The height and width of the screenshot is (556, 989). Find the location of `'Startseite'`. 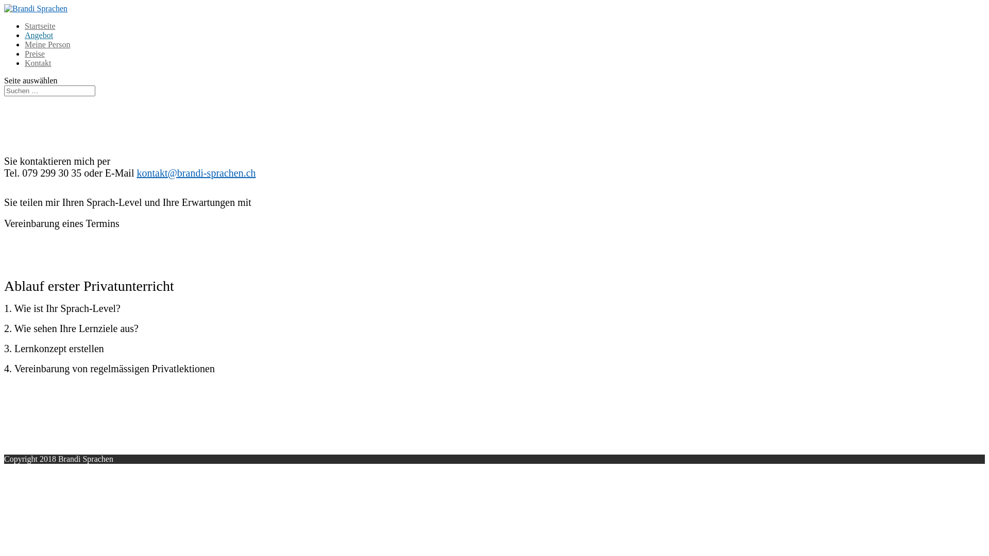

'Startseite' is located at coordinates (40, 25).